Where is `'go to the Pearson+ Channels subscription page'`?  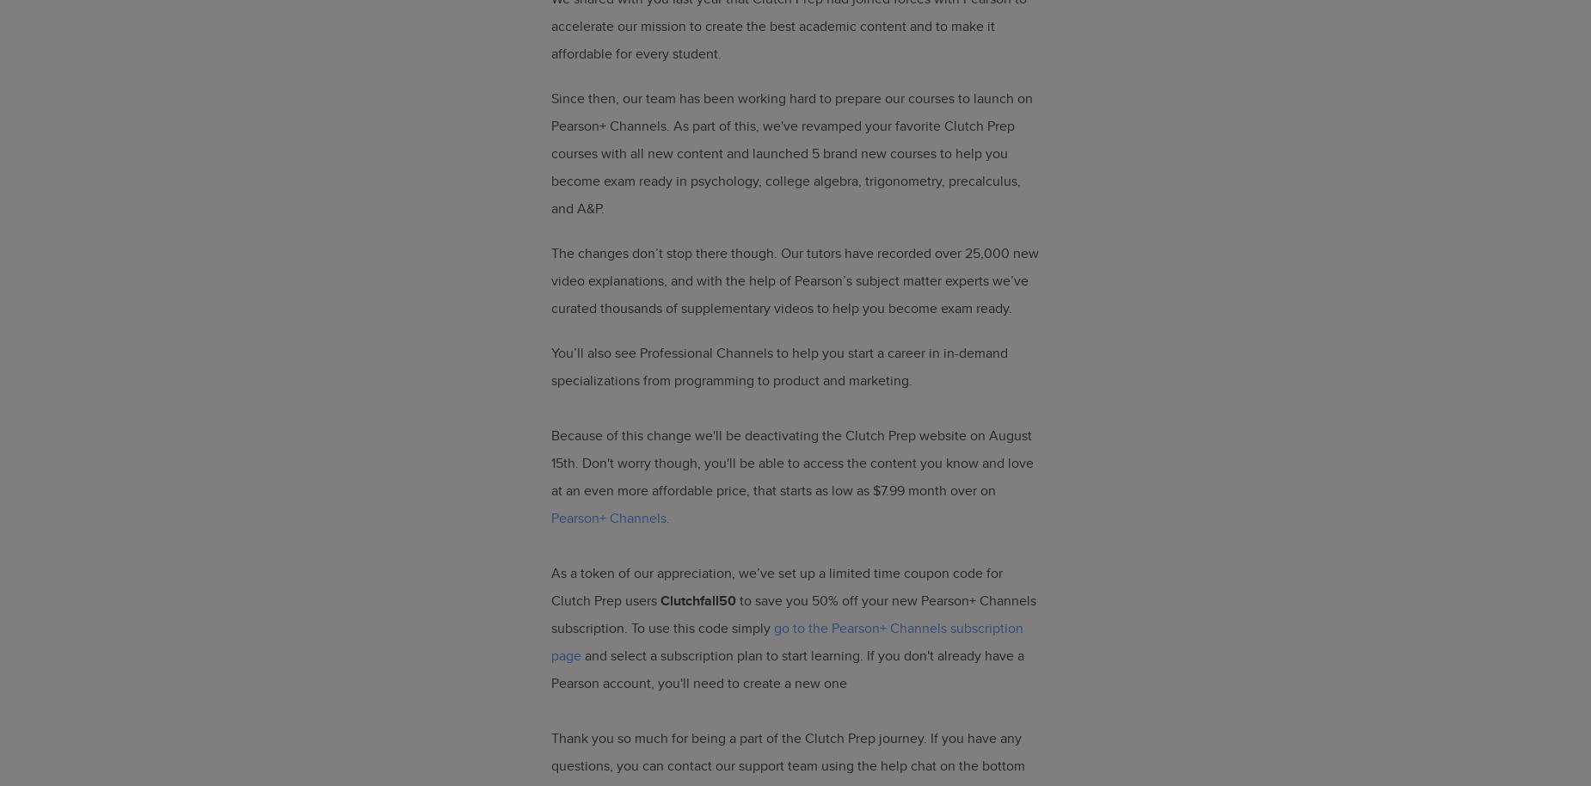
'go to the Pearson+ Channels subscription page' is located at coordinates (787, 642).